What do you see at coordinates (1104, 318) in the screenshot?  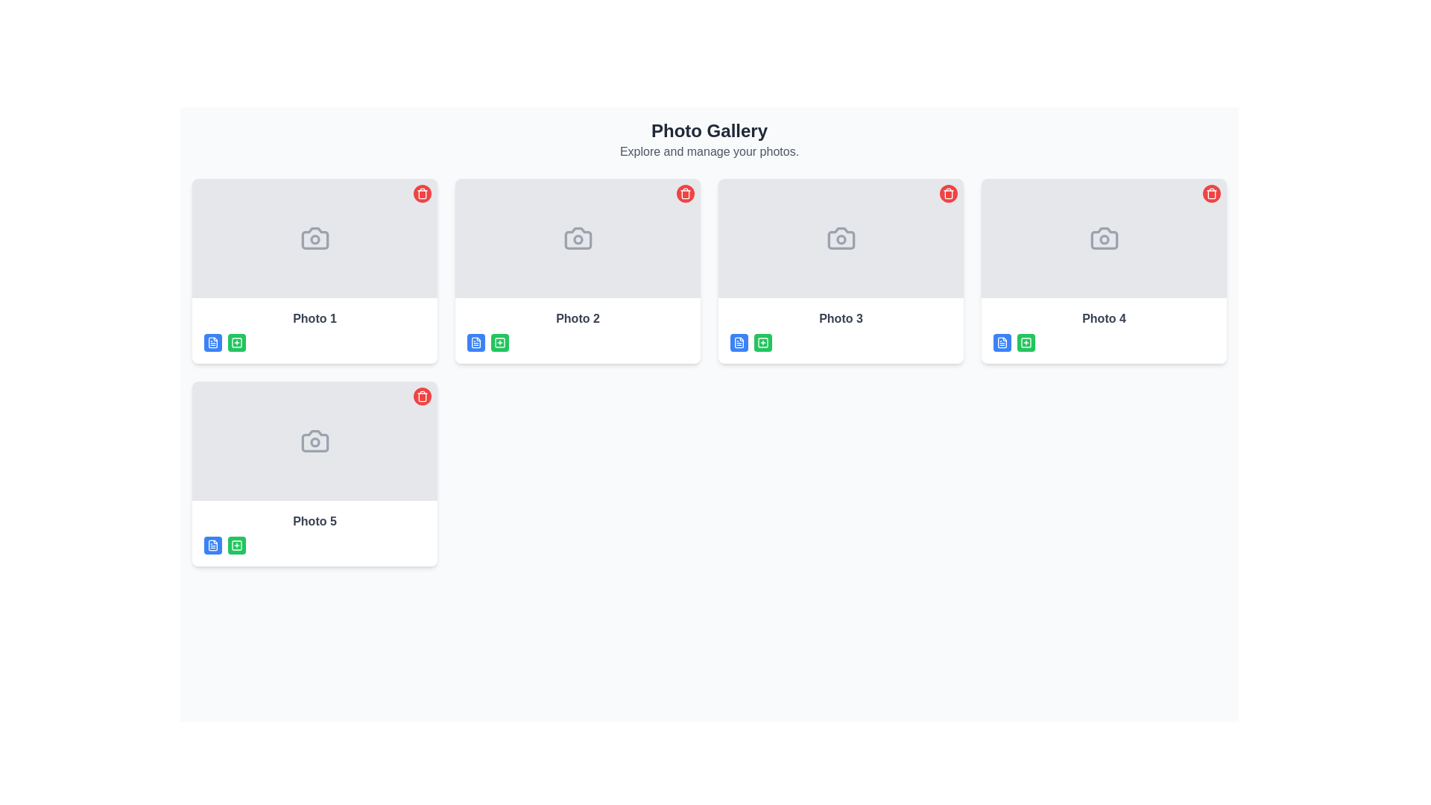 I see `text label displaying 'Photo 4' located in the second row, second column of a grid-like gallery layout` at bounding box center [1104, 318].